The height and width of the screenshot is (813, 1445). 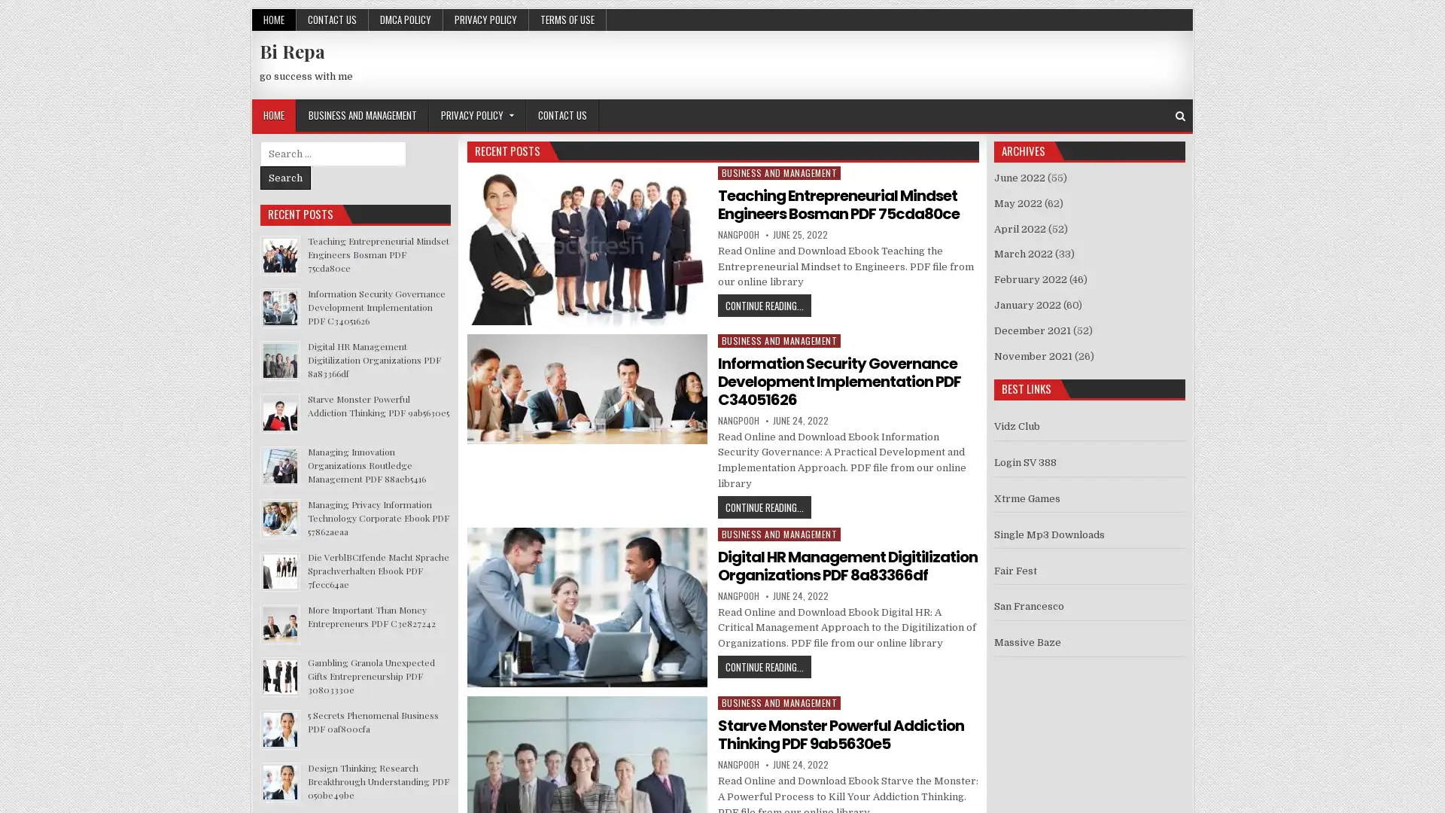 What do you see at coordinates (284, 177) in the screenshot?
I see `Search` at bounding box center [284, 177].